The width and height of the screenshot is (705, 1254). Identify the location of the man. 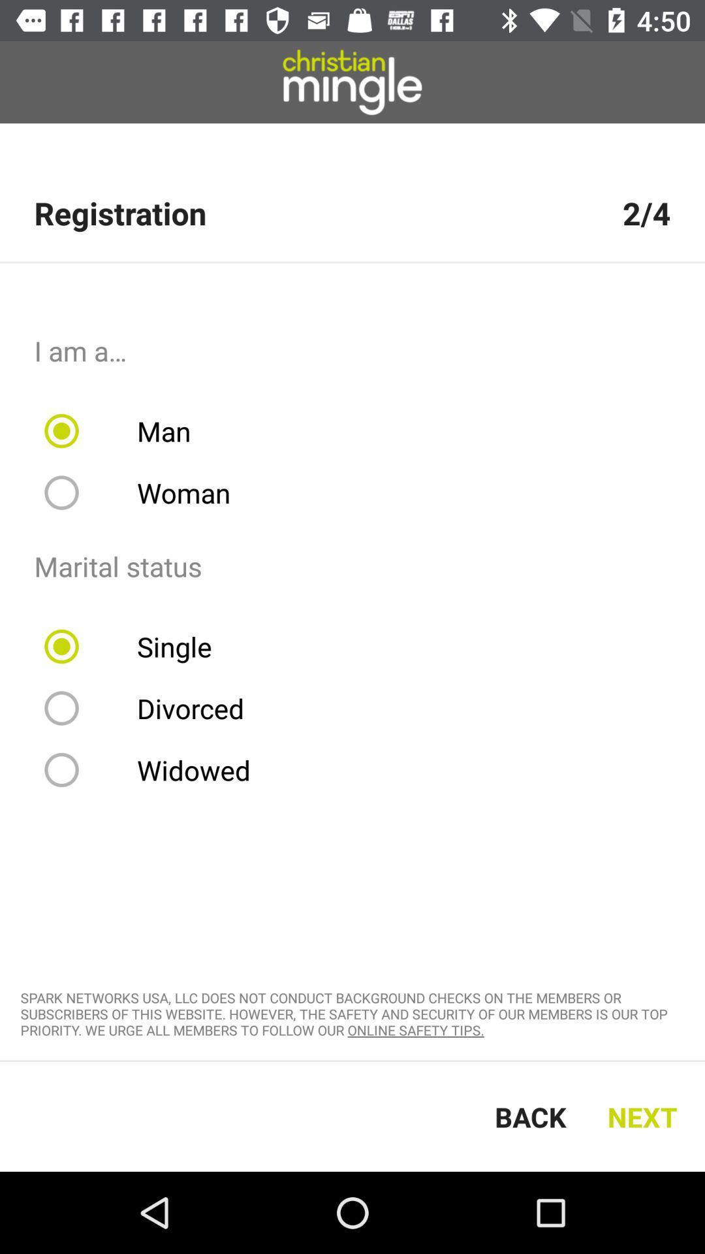
(126, 431).